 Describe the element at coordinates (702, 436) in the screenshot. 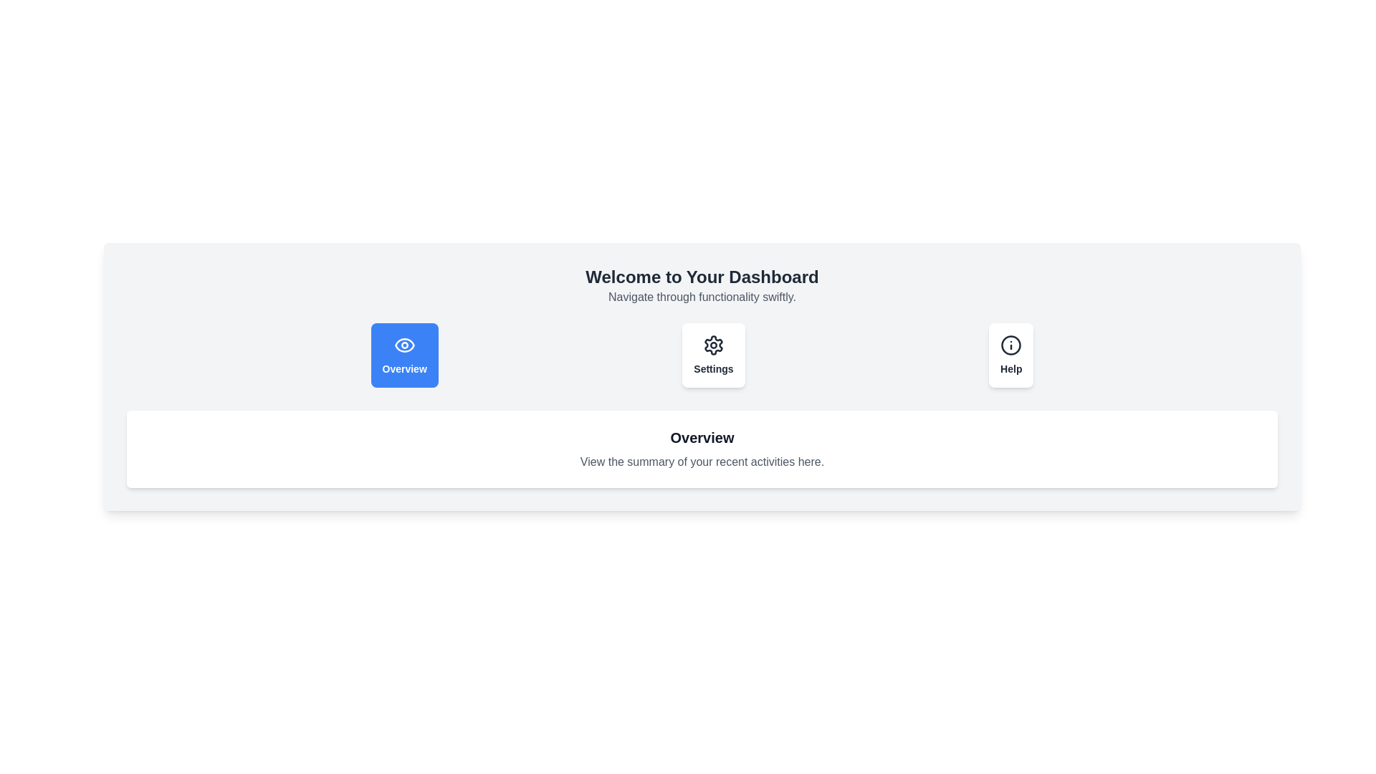

I see `the Text Label element that serves as a title or header for the section, located at the top of a white rectangular card in the center of the layout` at that location.